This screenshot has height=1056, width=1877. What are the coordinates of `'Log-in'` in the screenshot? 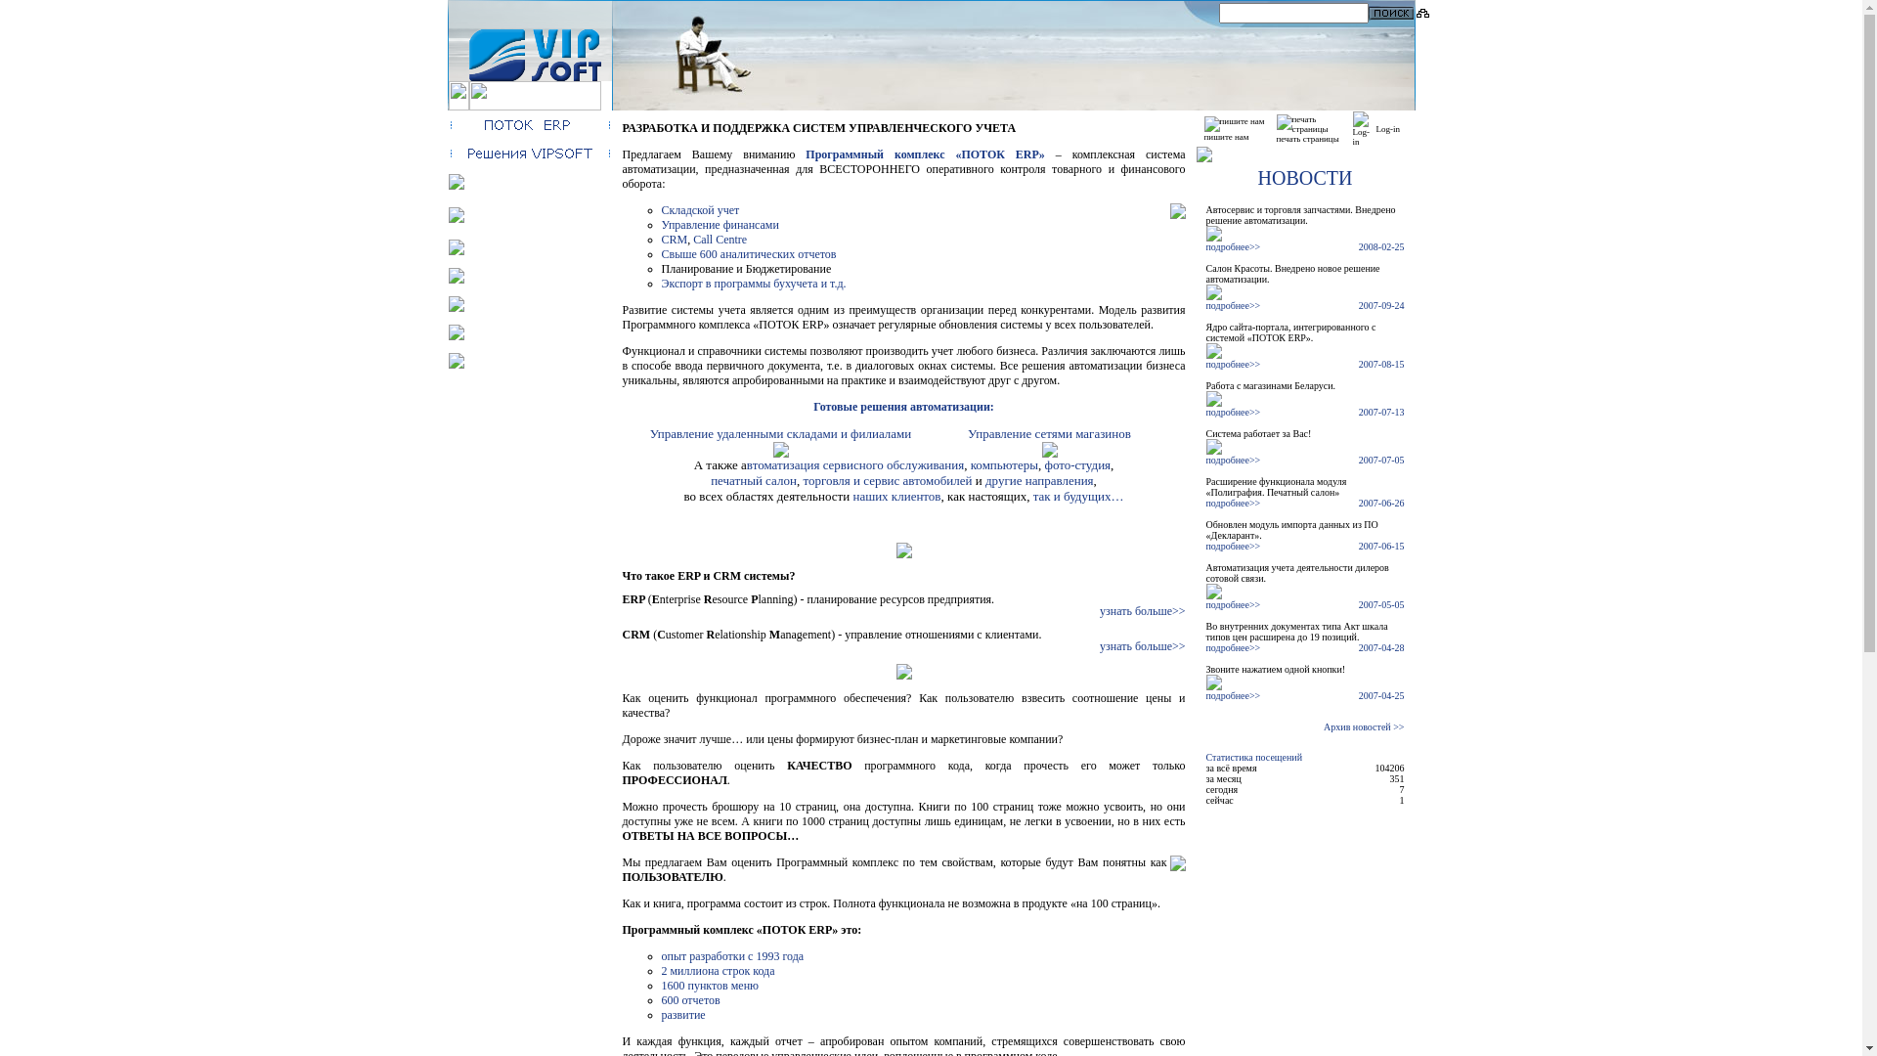 It's located at (1387, 128).